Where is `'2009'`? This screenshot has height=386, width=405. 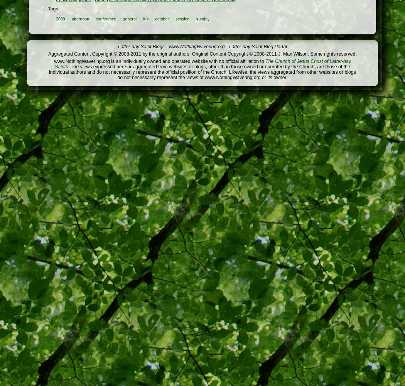
'2009' is located at coordinates (60, 19).